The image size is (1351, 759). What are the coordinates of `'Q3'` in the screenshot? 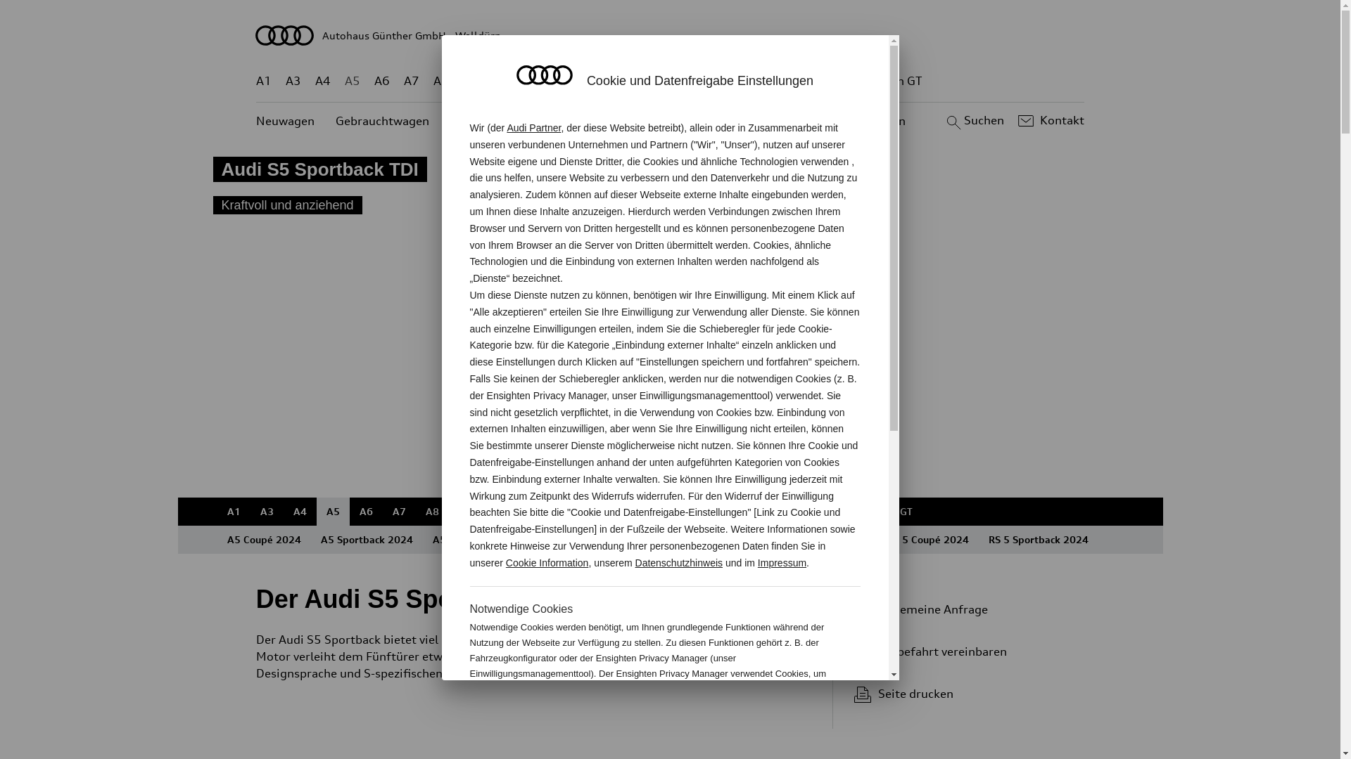 It's located at (501, 81).